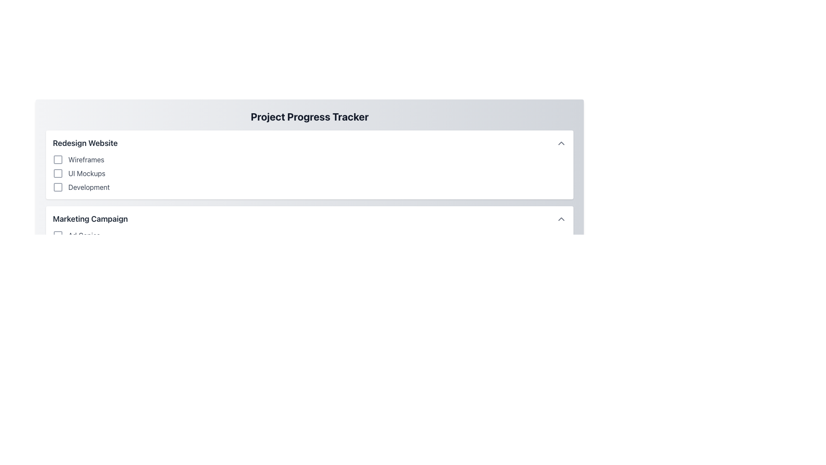  What do you see at coordinates (57, 187) in the screenshot?
I see `the 'Development' checkbox located under the 'Redesign Website' section` at bounding box center [57, 187].